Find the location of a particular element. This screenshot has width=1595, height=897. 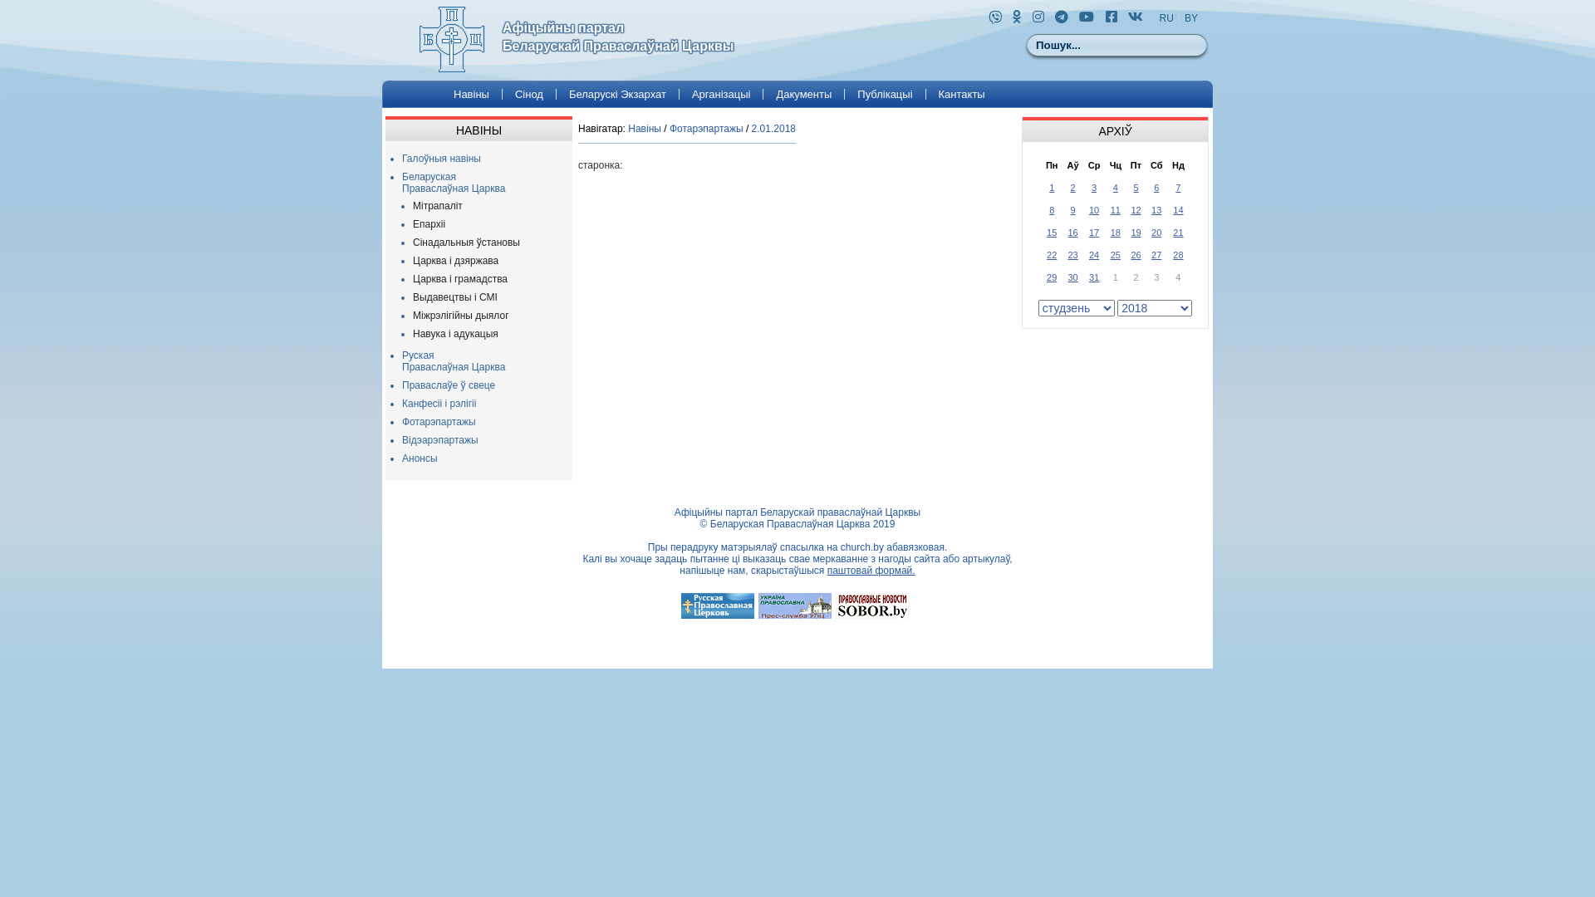

'27' is located at coordinates (1156, 253).